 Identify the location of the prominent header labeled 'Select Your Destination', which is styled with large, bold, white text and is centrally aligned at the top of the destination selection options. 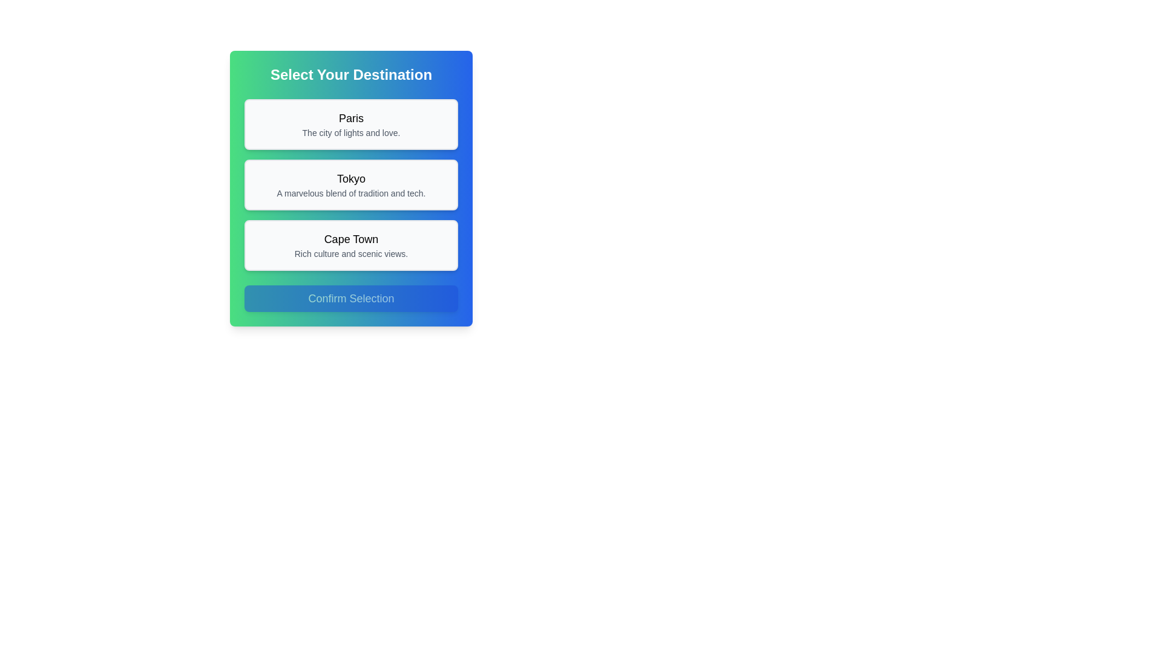
(350, 74).